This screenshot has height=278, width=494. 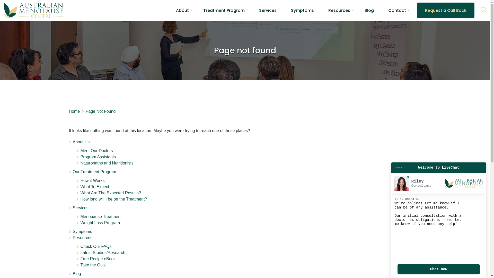 What do you see at coordinates (80, 163) in the screenshot?
I see `'Naturopaths and Nutritionists'` at bounding box center [80, 163].